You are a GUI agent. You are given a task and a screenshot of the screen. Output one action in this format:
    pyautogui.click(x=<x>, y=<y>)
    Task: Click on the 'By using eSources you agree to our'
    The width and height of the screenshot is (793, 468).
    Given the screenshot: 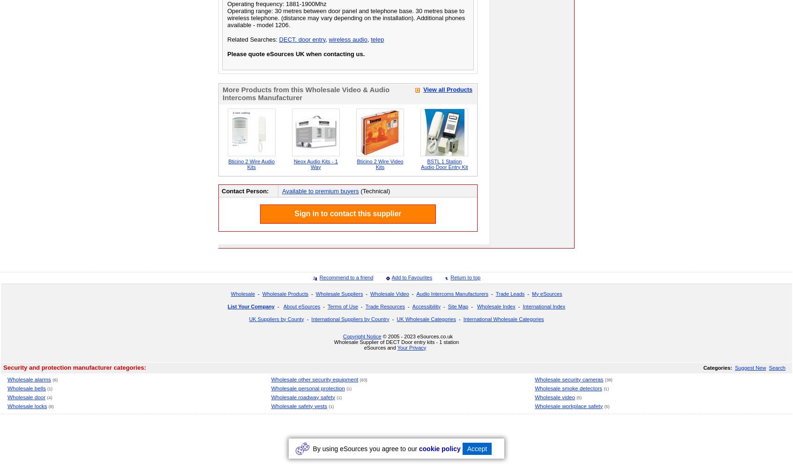 What is the action you would take?
    pyautogui.click(x=366, y=448)
    